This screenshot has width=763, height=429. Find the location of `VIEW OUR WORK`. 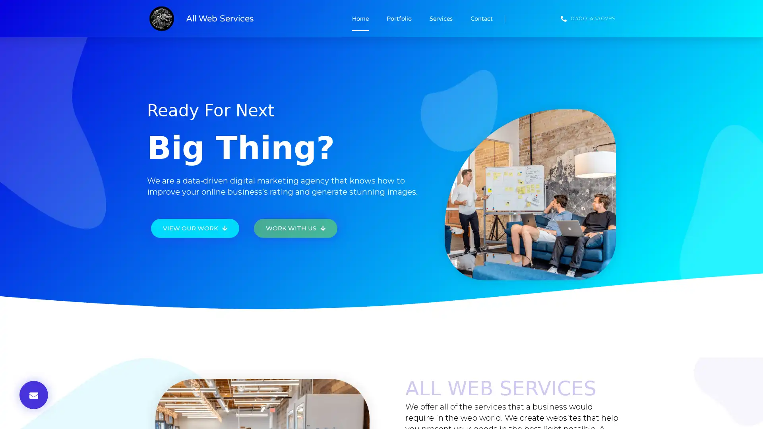

VIEW OUR WORK is located at coordinates (195, 228).